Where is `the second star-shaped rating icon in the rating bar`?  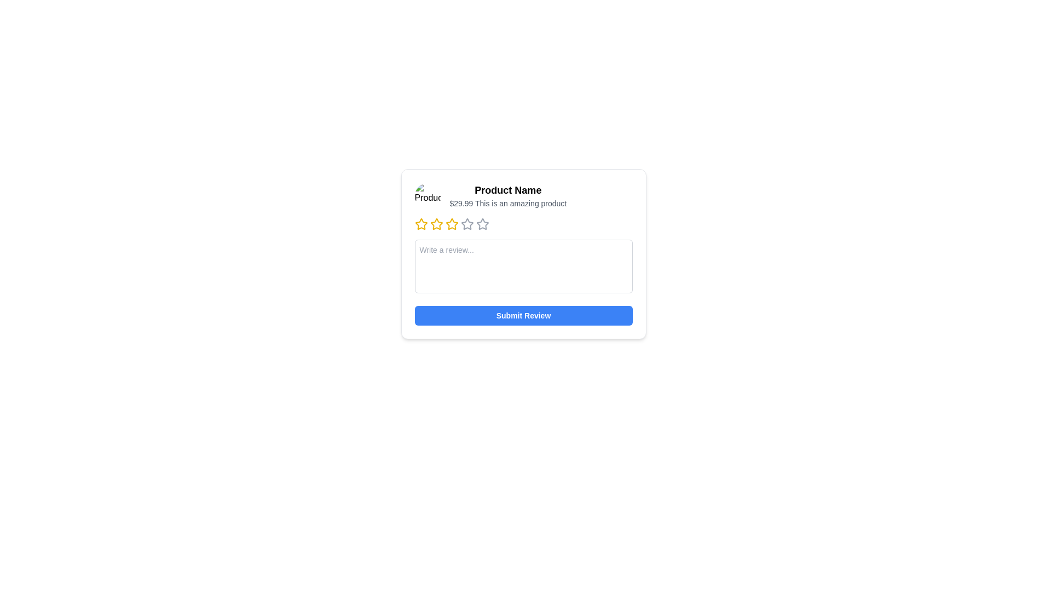 the second star-shaped rating icon in the rating bar is located at coordinates (436, 223).